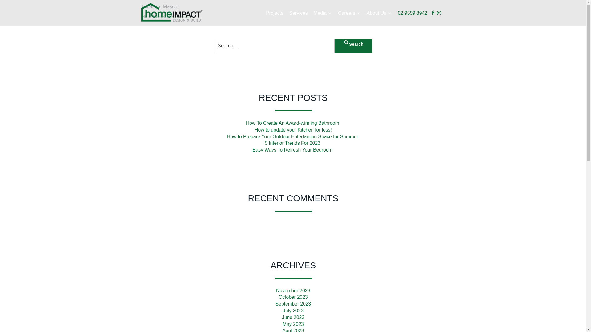  What do you see at coordinates (298, 13) in the screenshot?
I see `'Services'` at bounding box center [298, 13].